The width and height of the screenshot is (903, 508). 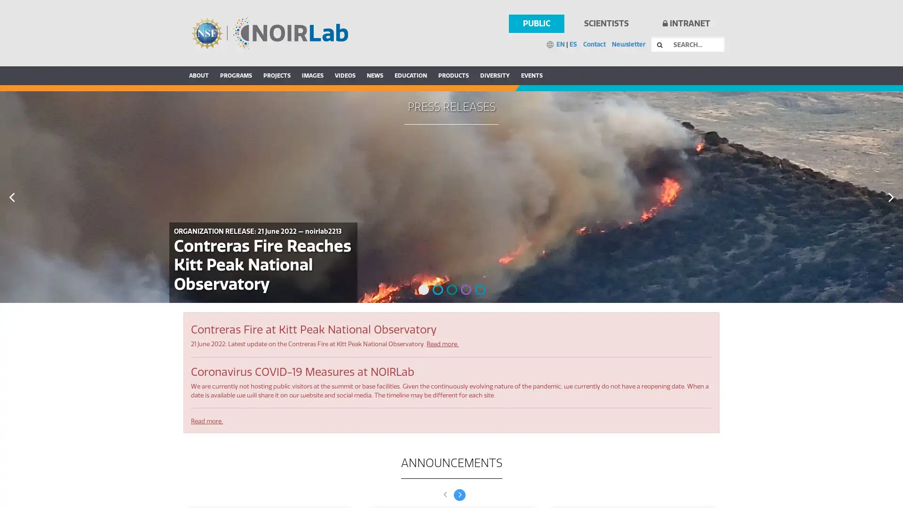 I want to click on 4, so click(x=466, y=289).